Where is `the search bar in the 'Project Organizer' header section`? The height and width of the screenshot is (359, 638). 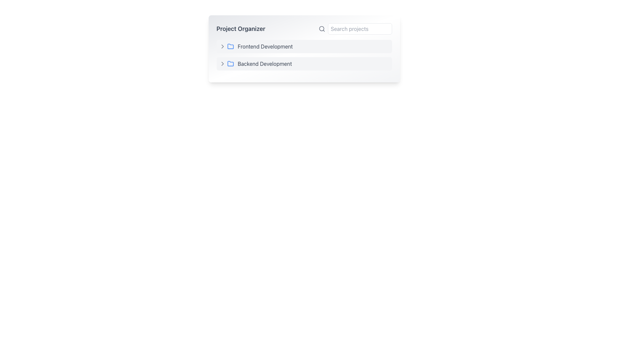
the search bar in the 'Project Organizer' header section is located at coordinates (355, 29).